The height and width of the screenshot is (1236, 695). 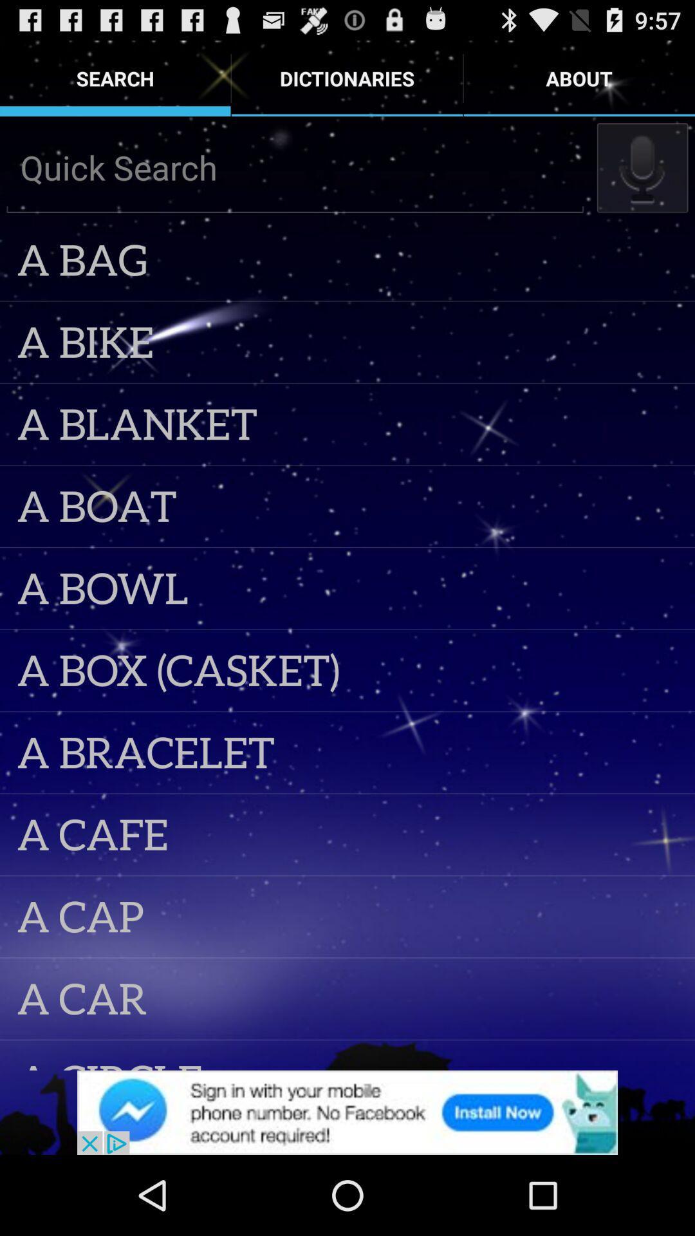 What do you see at coordinates (579, 77) in the screenshot?
I see `the tab on the top right corner of the web page` at bounding box center [579, 77].